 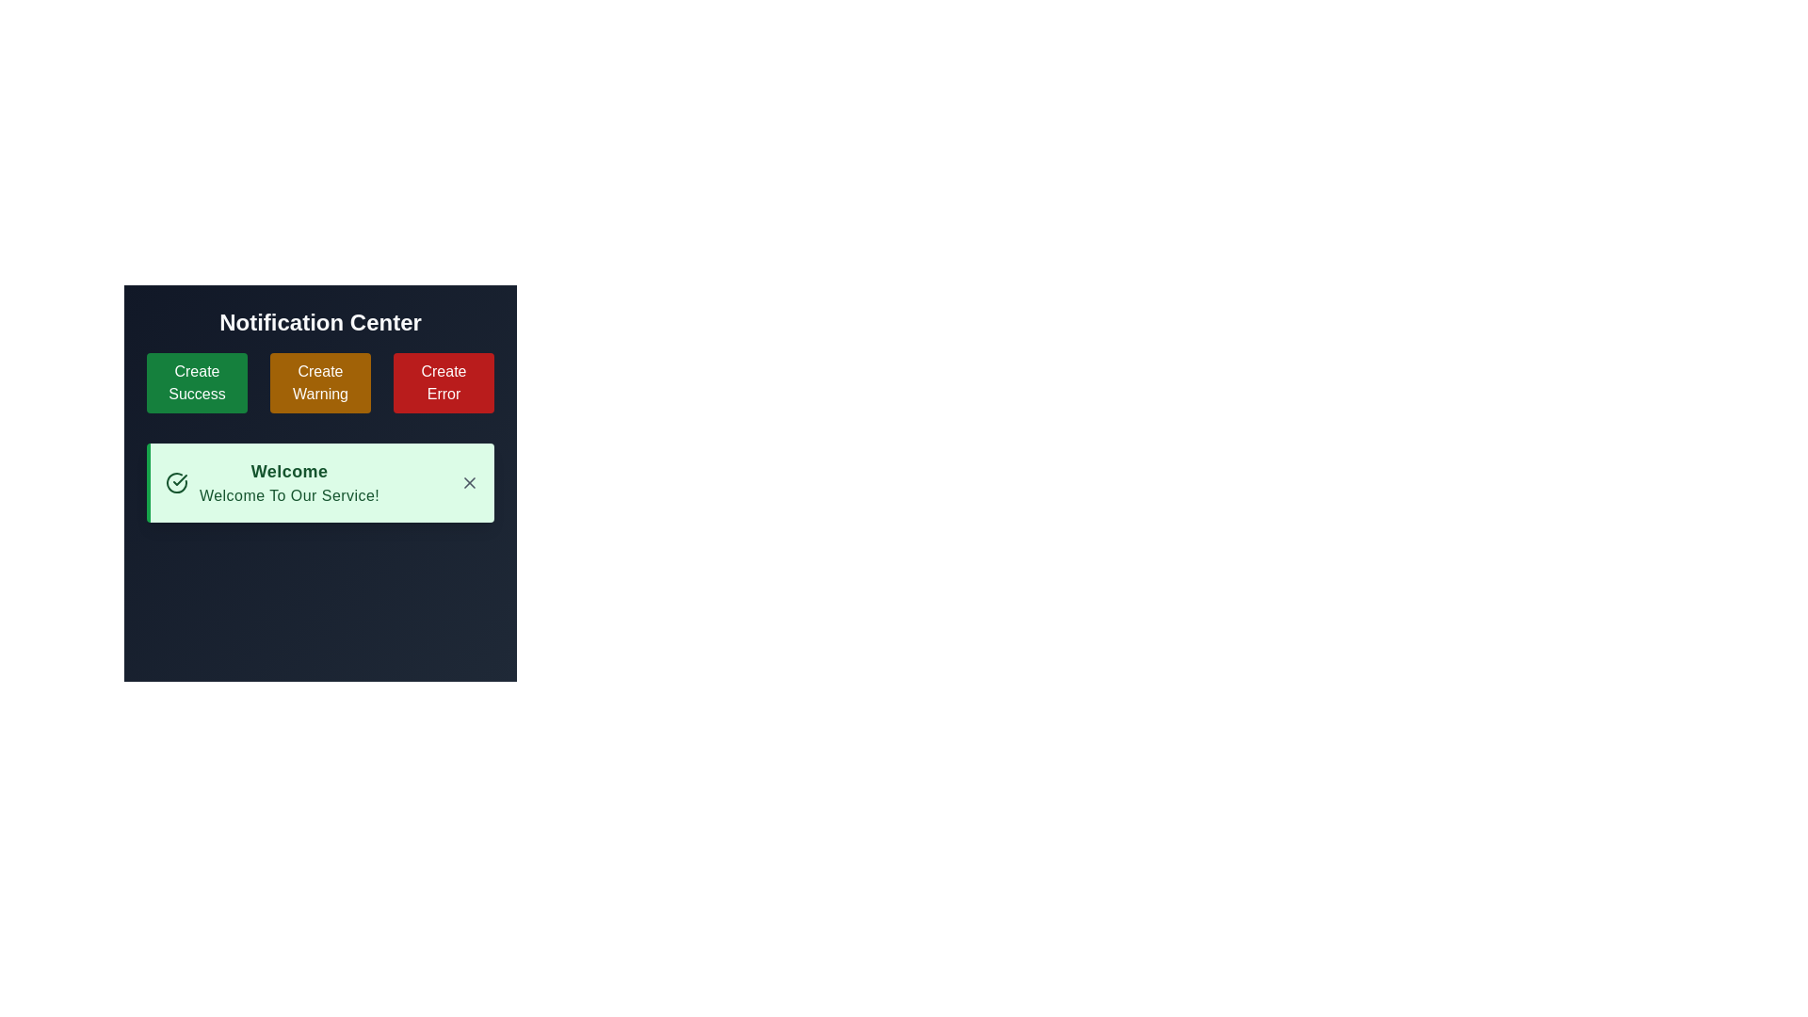 I want to click on the gray 'X' close button located in the top-right corner of the notification card that contains the text 'Welcome to our service!', so click(x=470, y=482).